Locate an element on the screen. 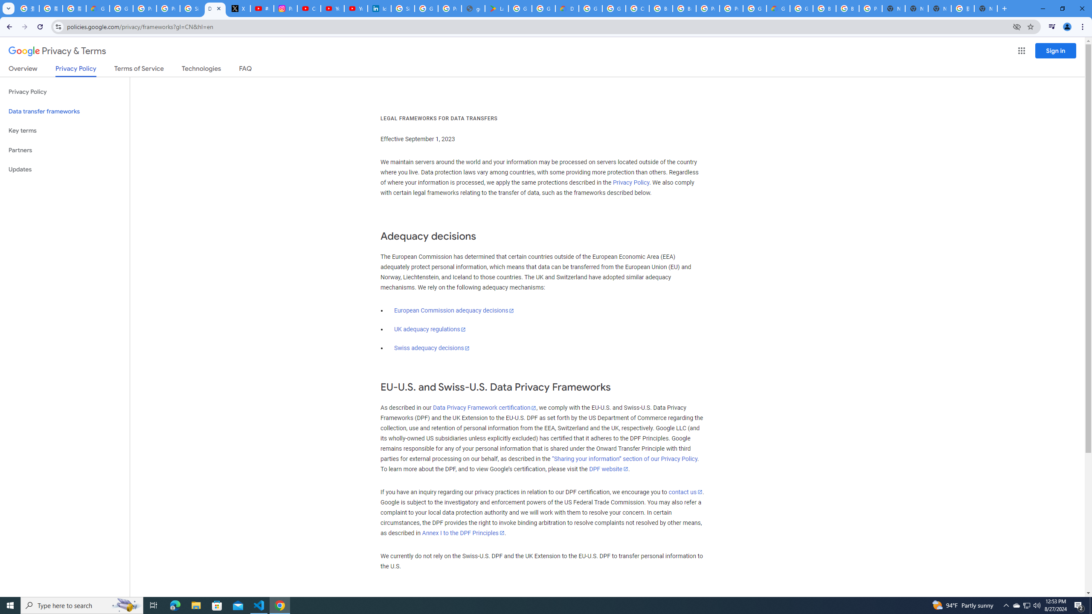 The image size is (1092, 614). 'Annex I to the DPF Principles' is located at coordinates (462, 532).